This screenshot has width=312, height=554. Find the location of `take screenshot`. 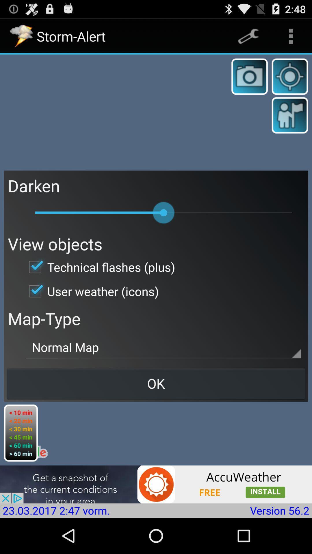

take screenshot is located at coordinates (249, 76).